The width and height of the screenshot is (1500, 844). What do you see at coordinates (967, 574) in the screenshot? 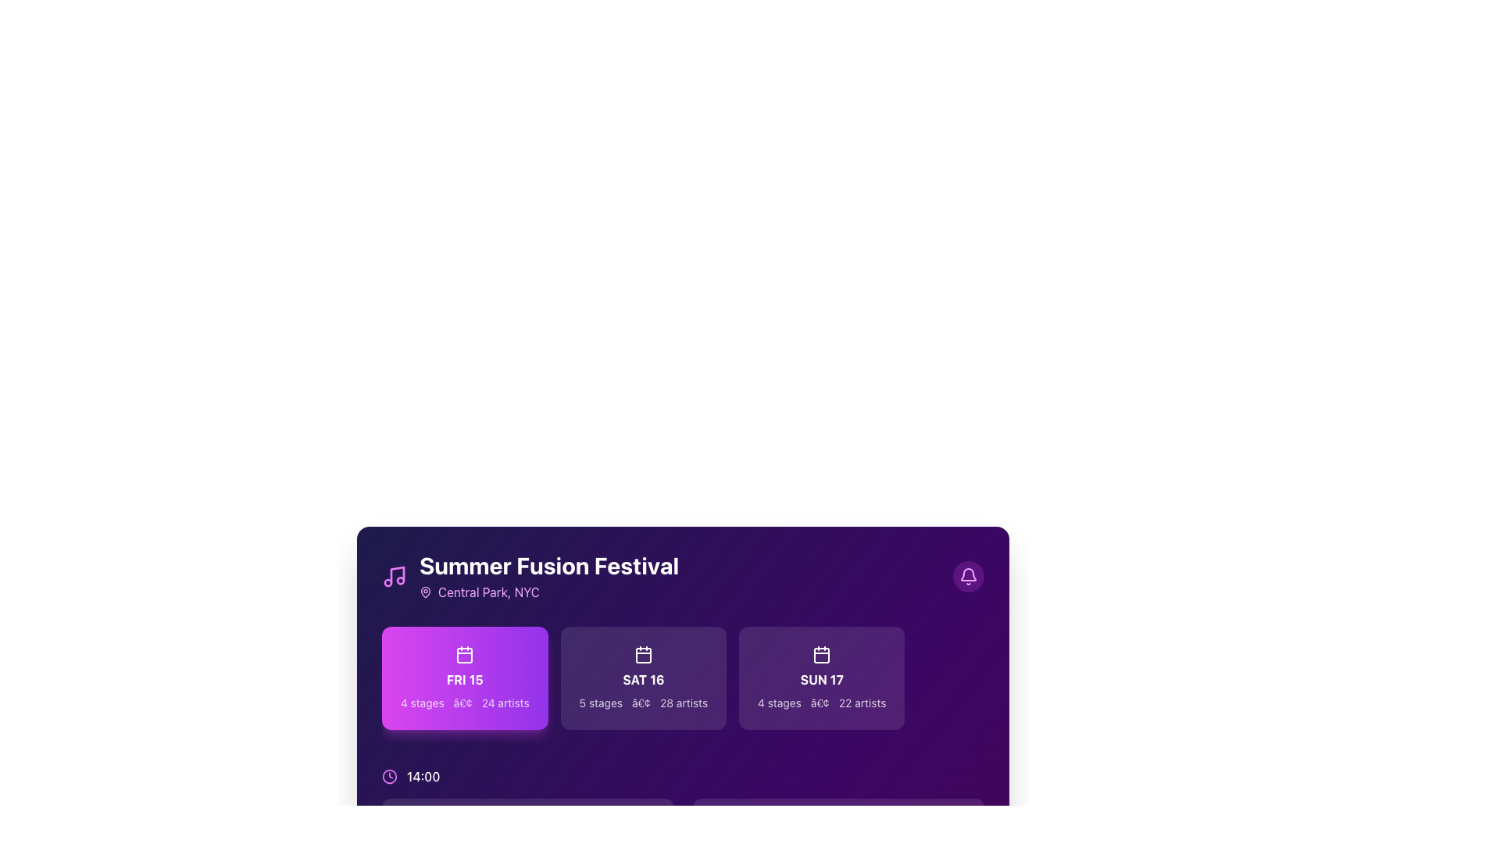
I see `the bell icon located in the top-right corner of the interface, which is styled as a vector illustration within a circular purple background` at bounding box center [967, 574].